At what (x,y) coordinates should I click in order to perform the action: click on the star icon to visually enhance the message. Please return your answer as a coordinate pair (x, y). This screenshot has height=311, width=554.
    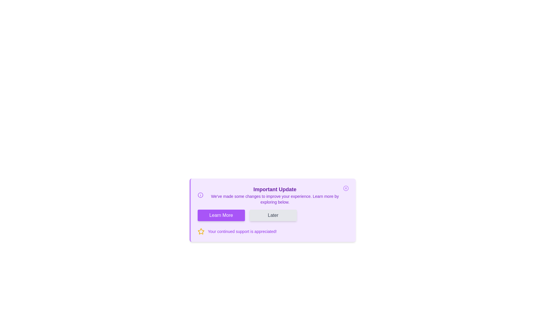
    Looking at the image, I should click on (201, 231).